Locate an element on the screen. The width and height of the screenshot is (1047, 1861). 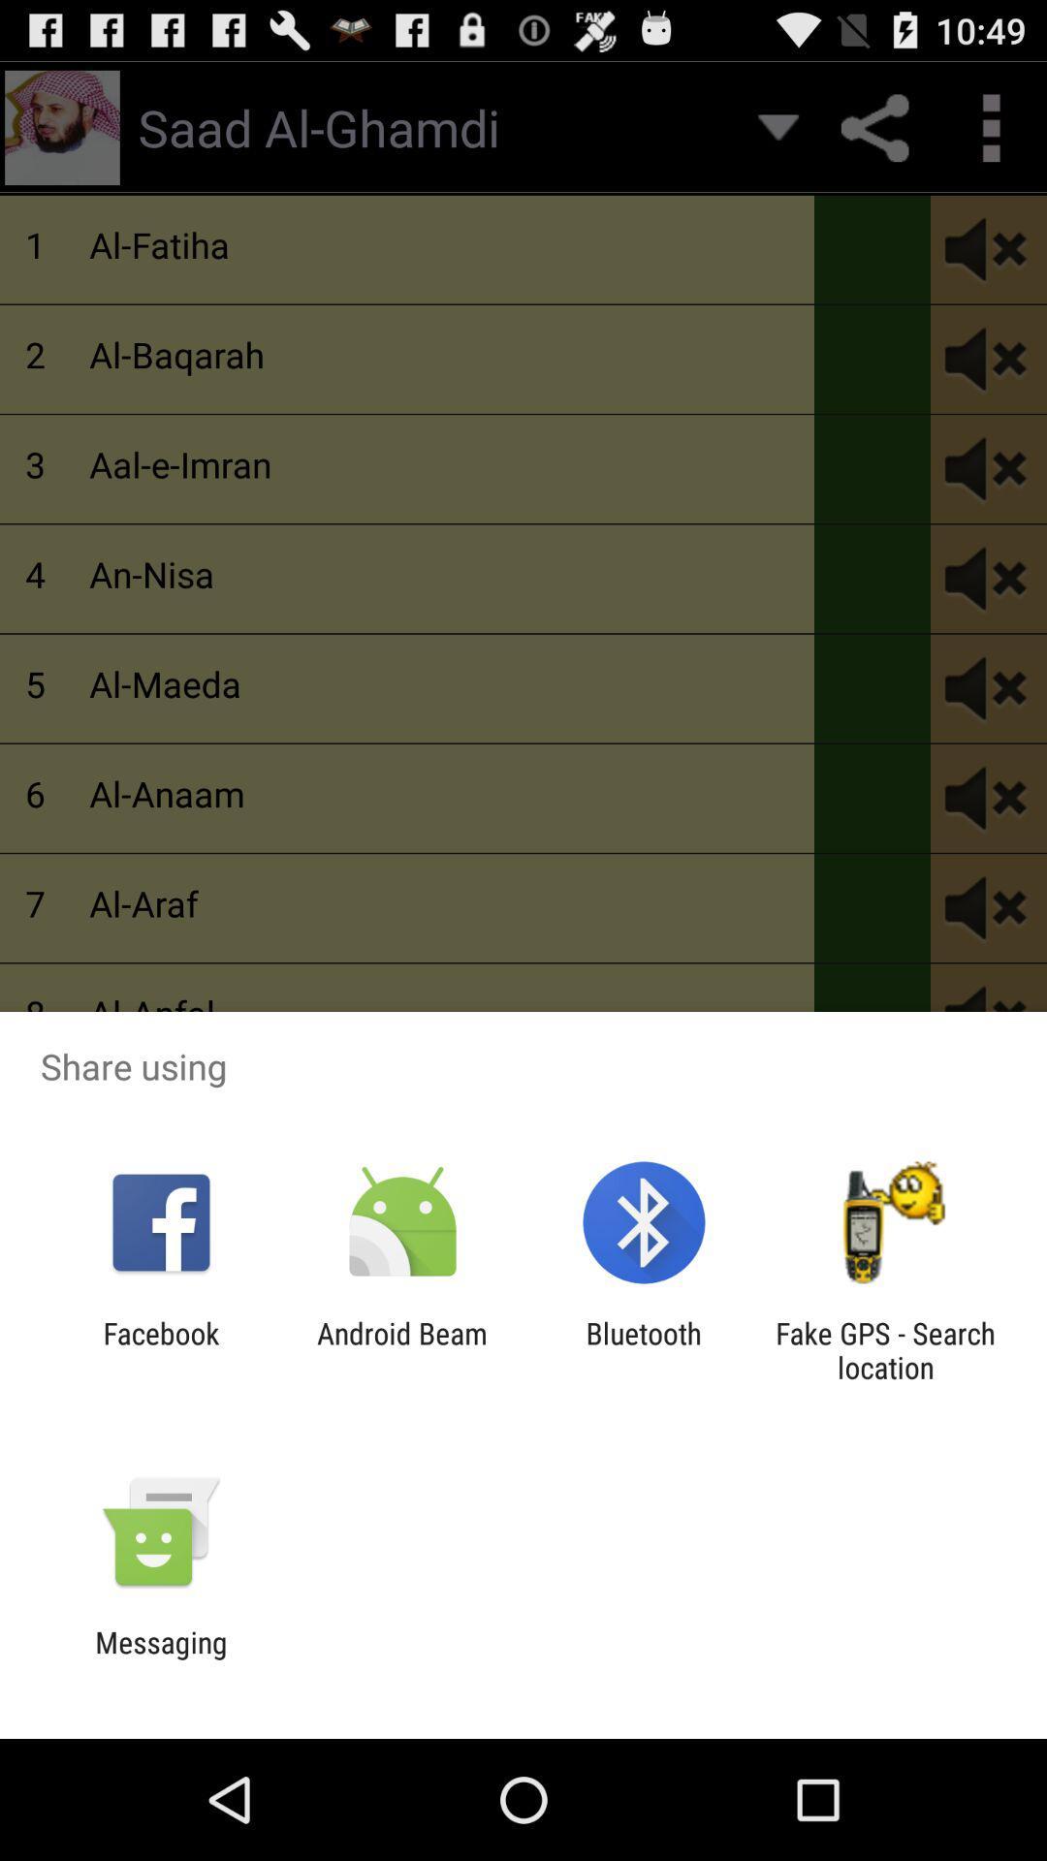
app to the left of bluetooth is located at coordinates (401, 1349).